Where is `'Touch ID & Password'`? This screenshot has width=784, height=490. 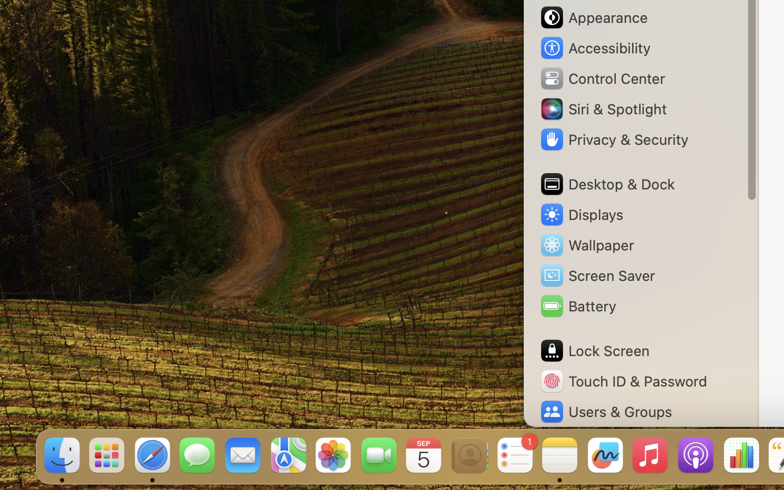
'Touch ID & Password' is located at coordinates (623, 381).